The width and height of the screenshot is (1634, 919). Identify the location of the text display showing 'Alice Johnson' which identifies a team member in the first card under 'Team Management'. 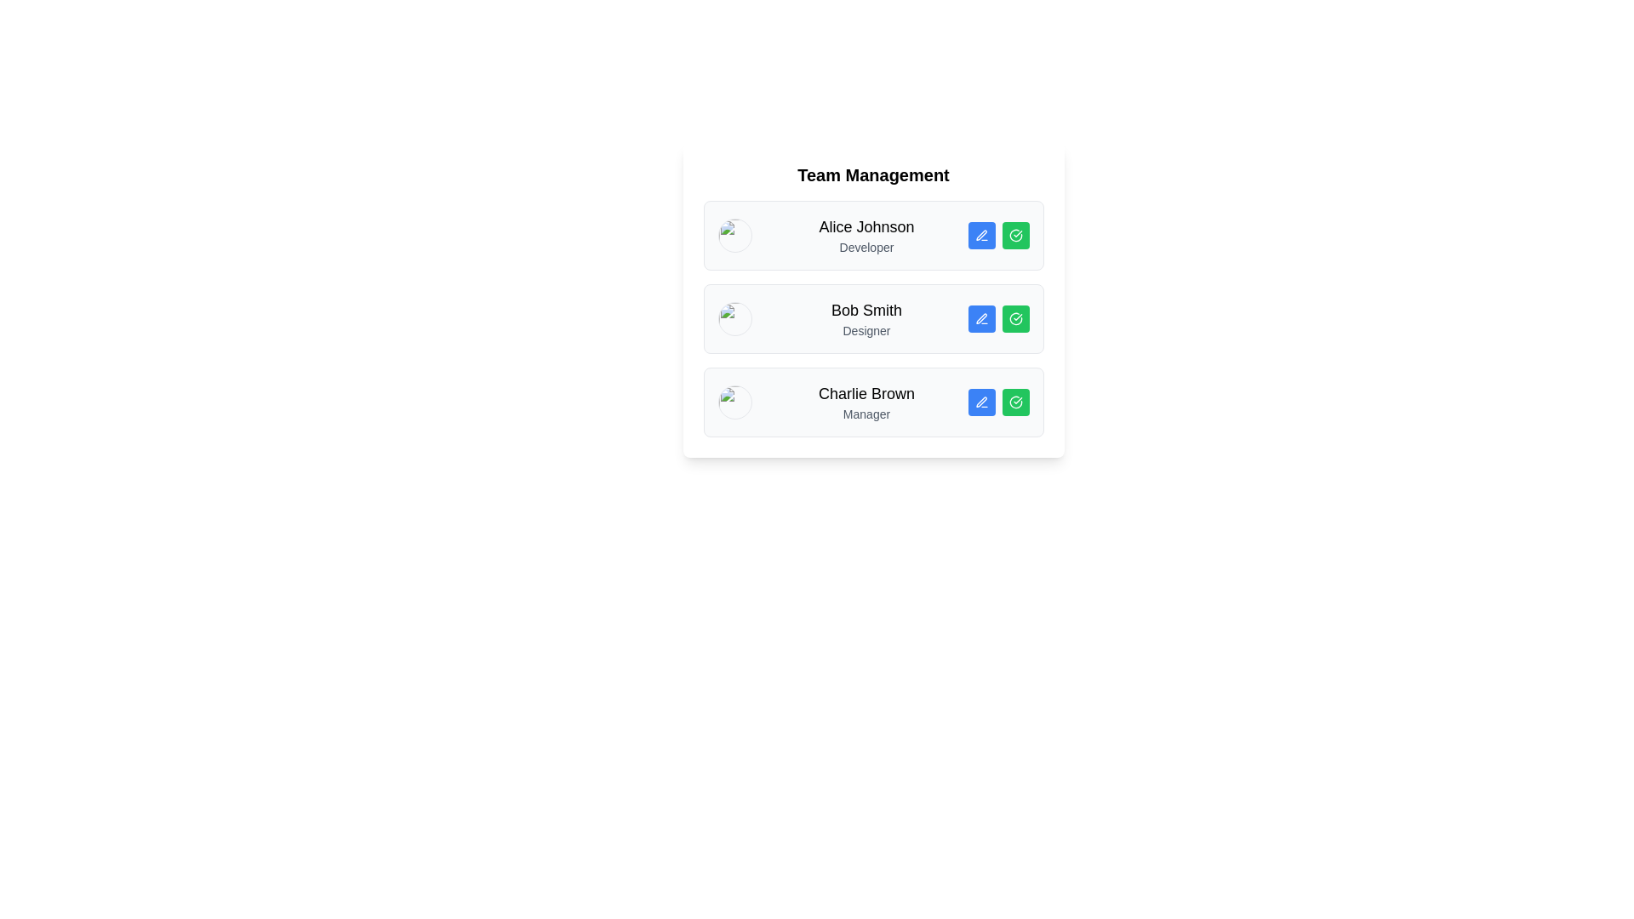
(866, 225).